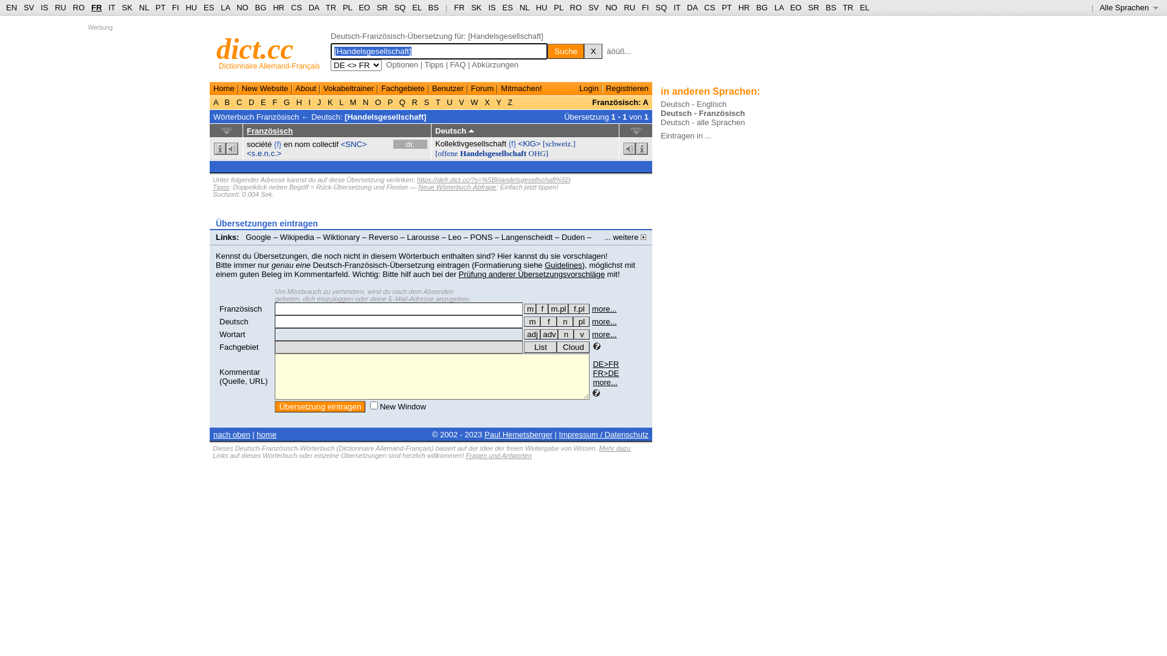  What do you see at coordinates (306, 87) in the screenshot?
I see `'About'` at bounding box center [306, 87].